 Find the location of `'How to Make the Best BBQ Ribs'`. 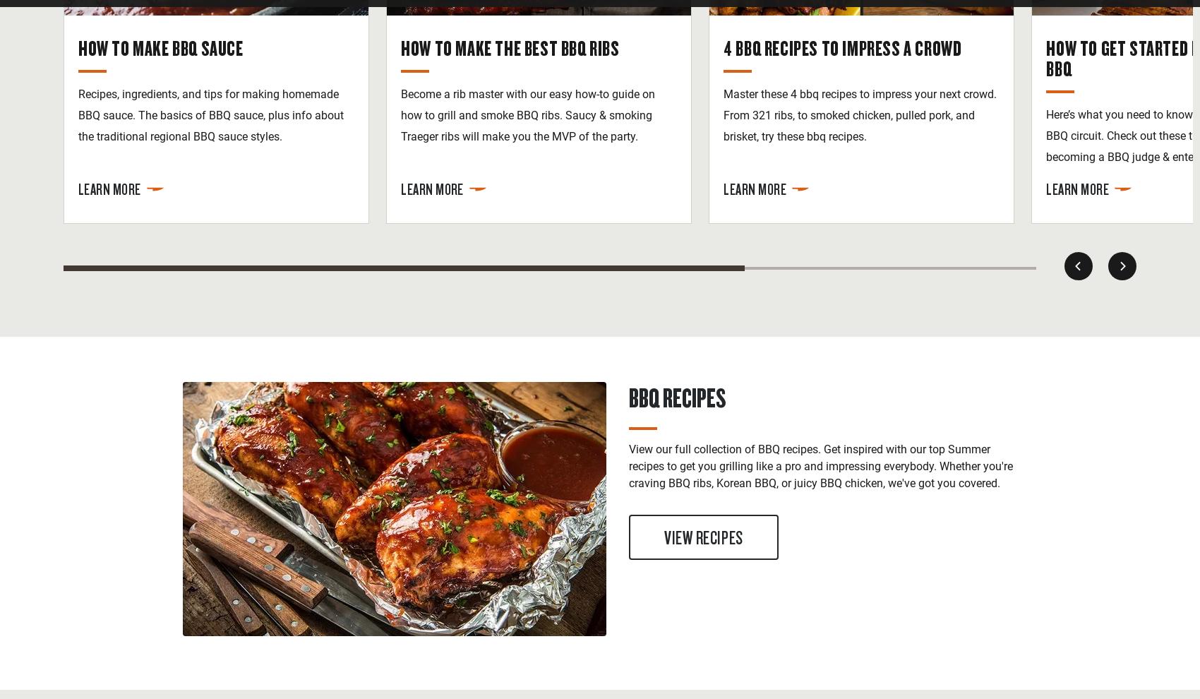

'How to Make the Best BBQ Ribs' is located at coordinates (510, 47).